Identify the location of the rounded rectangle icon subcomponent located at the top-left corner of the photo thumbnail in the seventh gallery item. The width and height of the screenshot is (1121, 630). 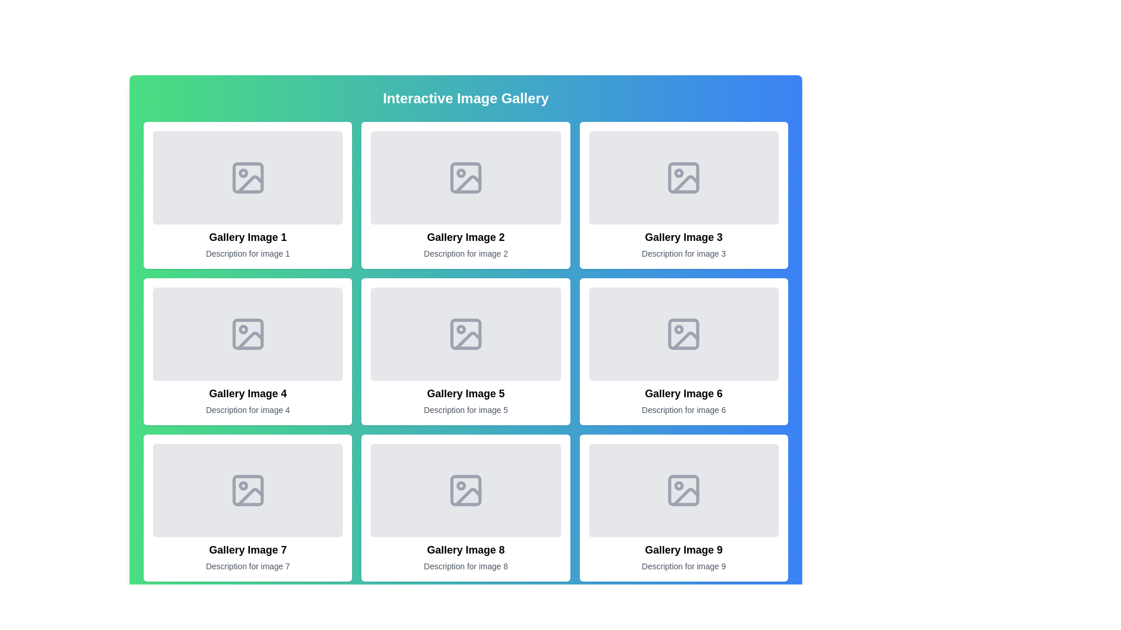
(247, 490).